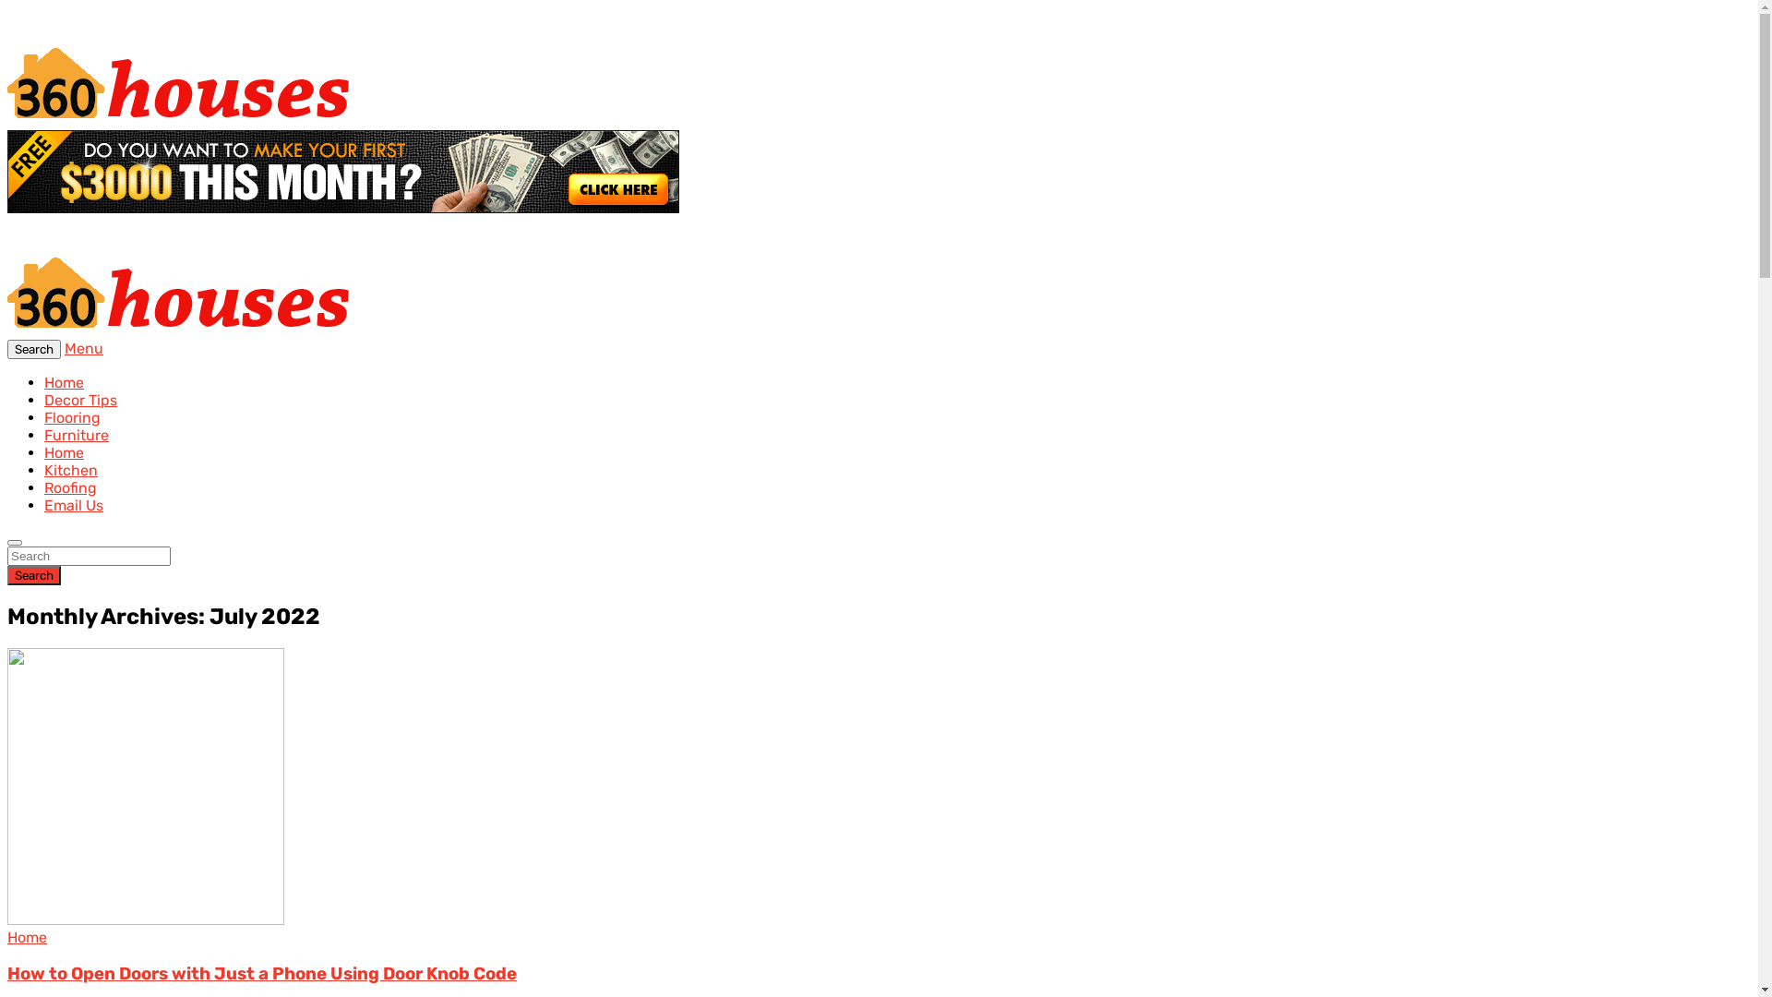 Image resolution: width=1772 pixels, height=997 pixels. What do you see at coordinates (44, 452) in the screenshot?
I see `'Home'` at bounding box center [44, 452].